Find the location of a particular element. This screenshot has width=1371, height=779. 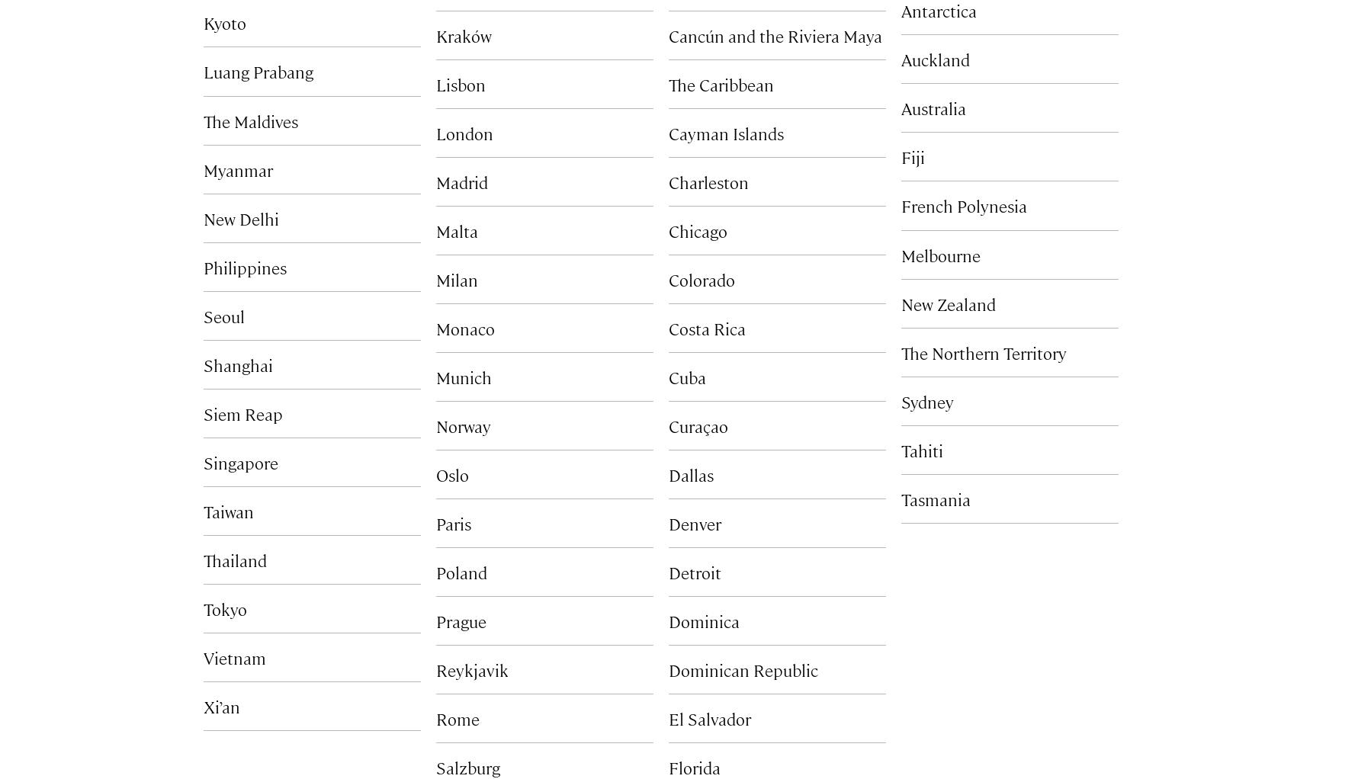

'Prague' is located at coordinates (435, 620).